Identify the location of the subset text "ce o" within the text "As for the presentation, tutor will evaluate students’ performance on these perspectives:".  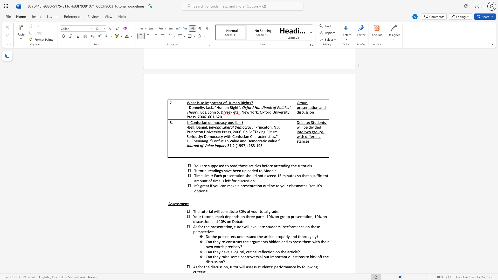
(301, 226).